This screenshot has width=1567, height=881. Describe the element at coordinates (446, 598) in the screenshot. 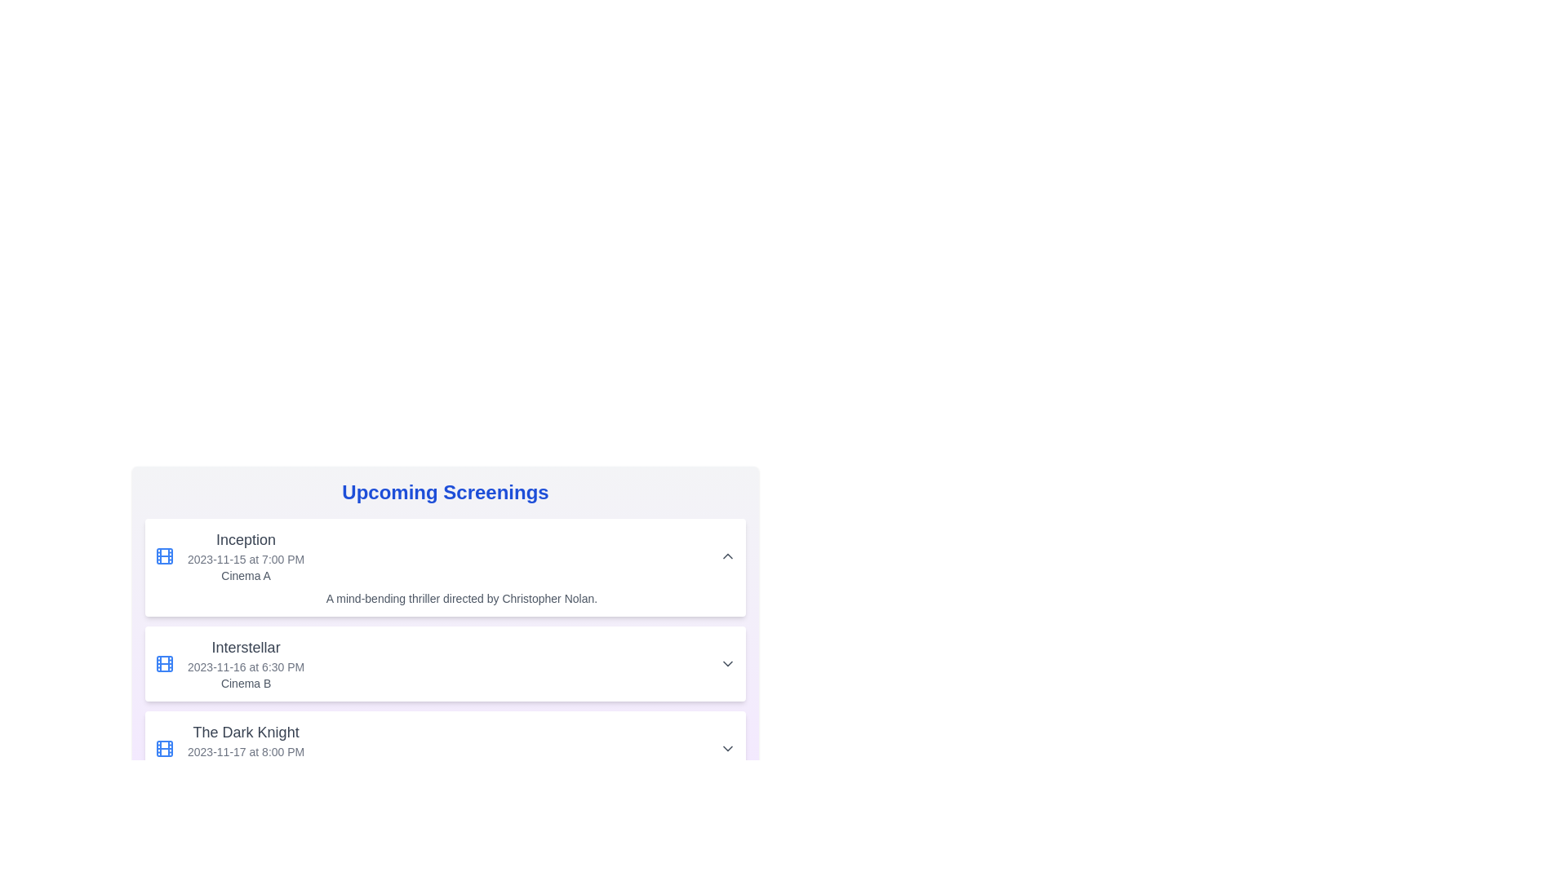

I see `the descriptive summary text of the movie 'Inception' located at the bottom of the first event card` at that location.